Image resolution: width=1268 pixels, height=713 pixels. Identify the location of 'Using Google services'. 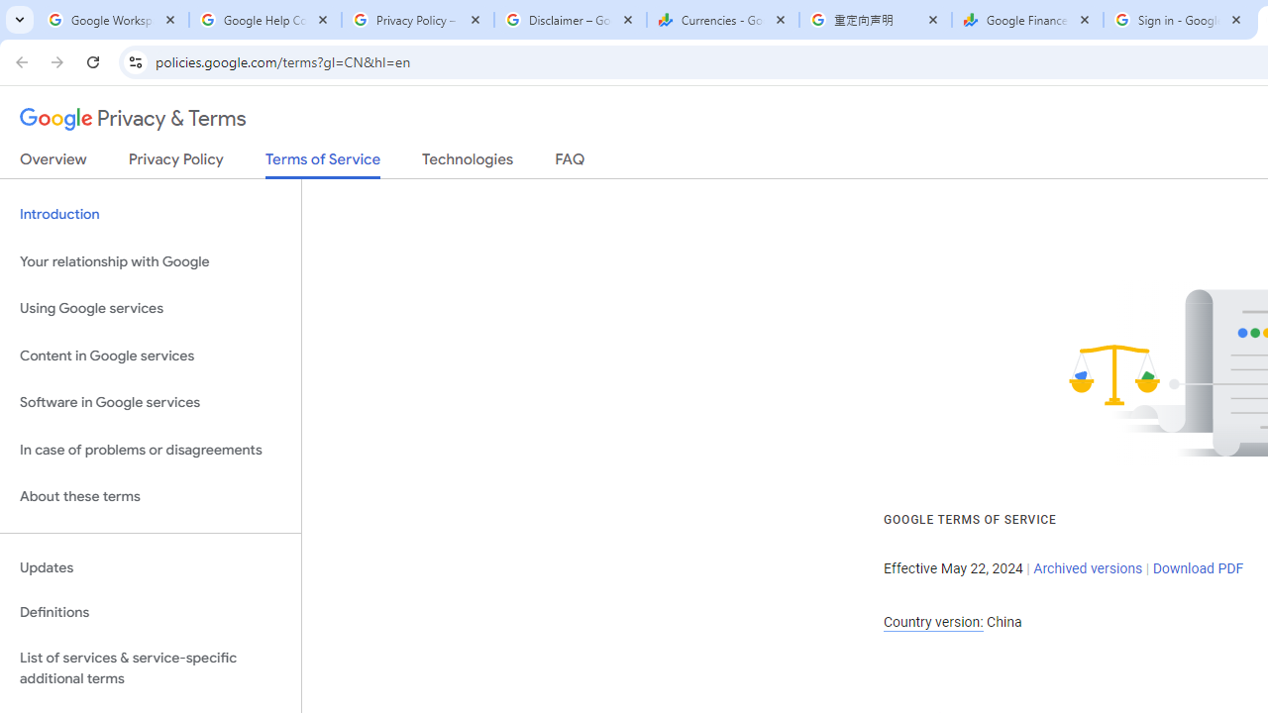
(150, 309).